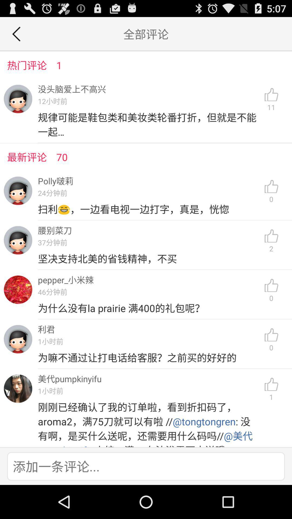  Describe the element at coordinates (271, 100) in the screenshot. I see `the 11` at that location.